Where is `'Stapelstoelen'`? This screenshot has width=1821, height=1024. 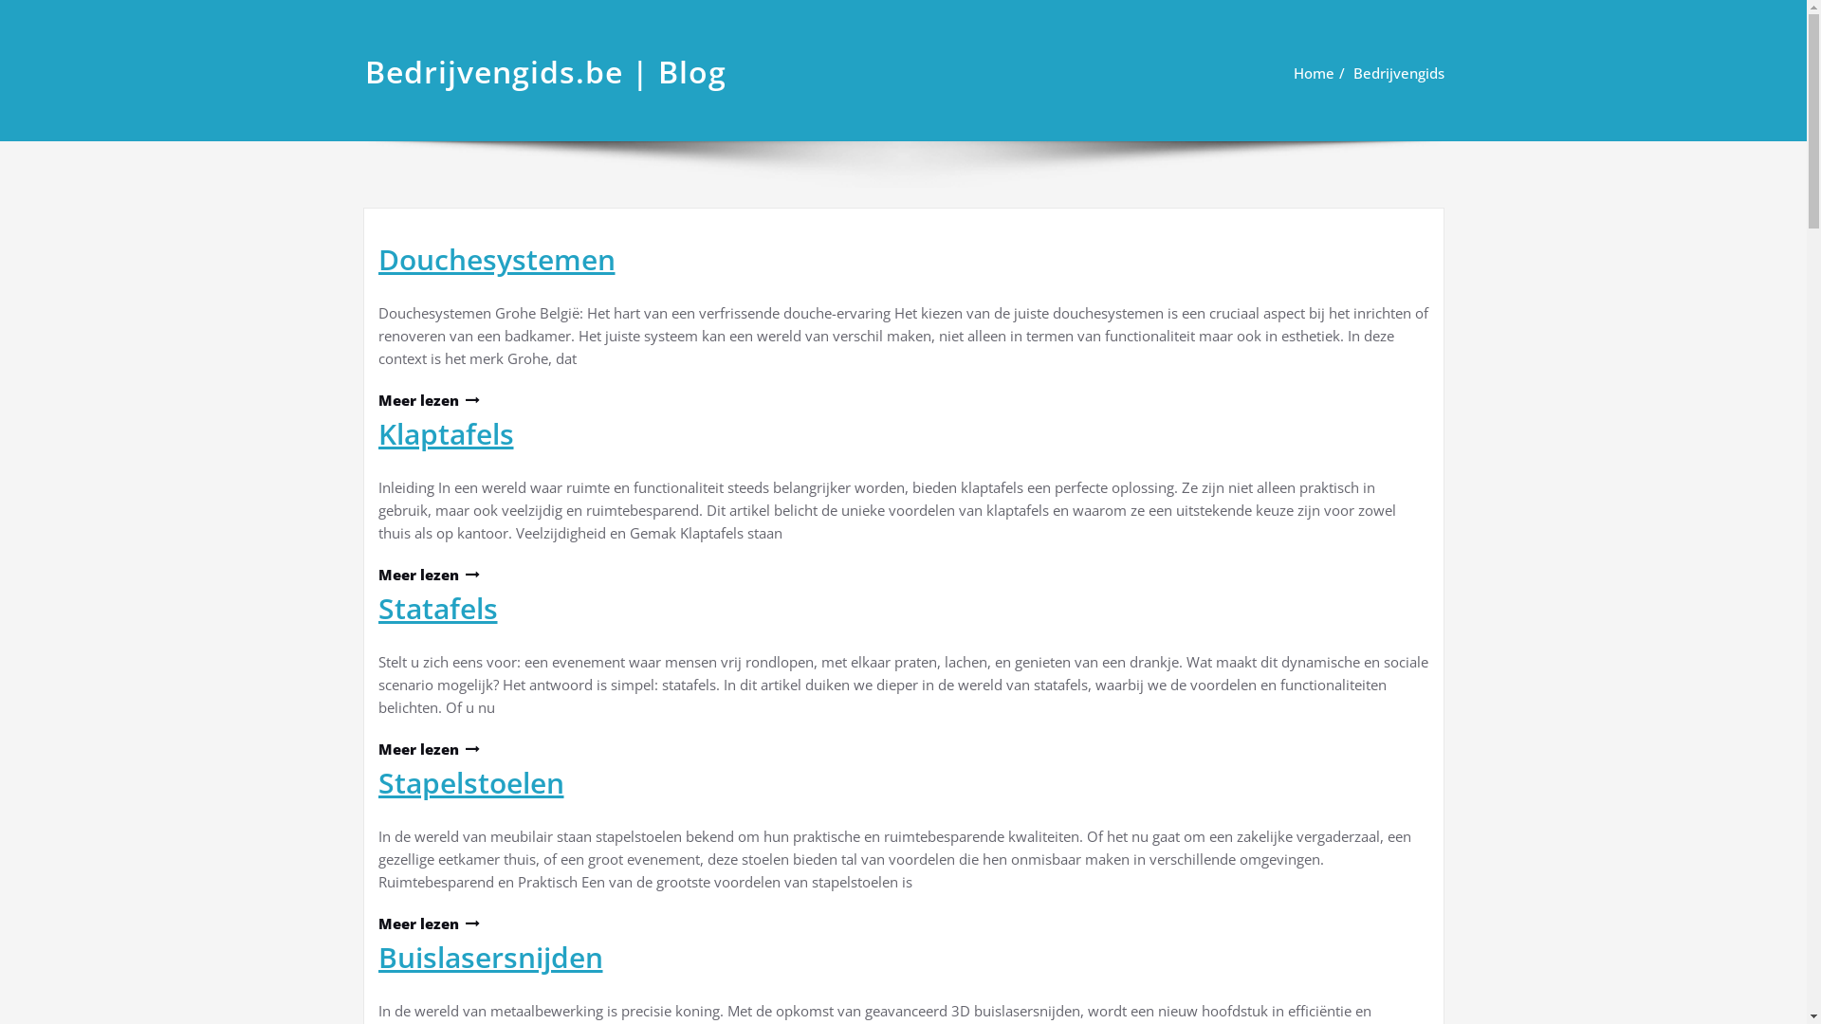 'Stapelstoelen' is located at coordinates (469, 782).